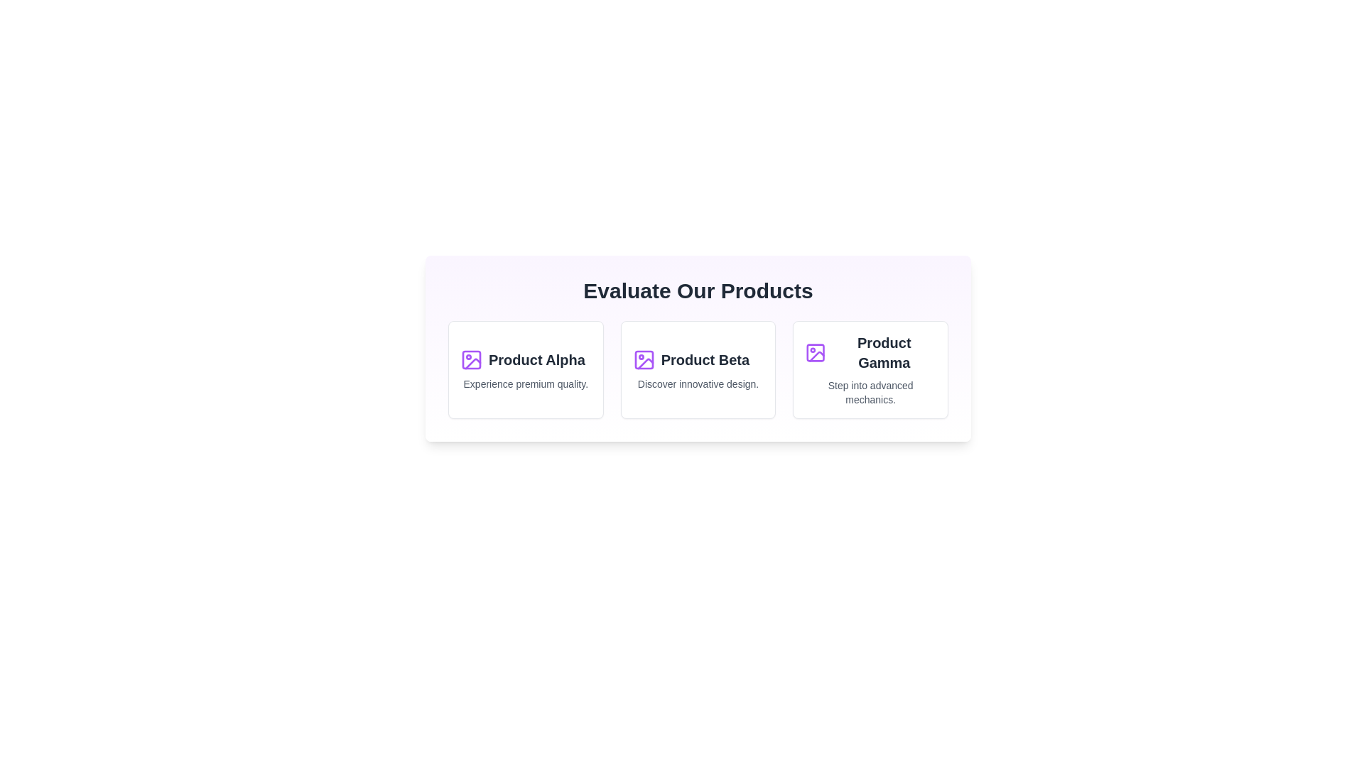 Image resolution: width=1364 pixels, height=767 pixels. I want to click on the text label that says 'Discover innovative design.' which is styled in gray and located beneath the 'Product Beta' heading in the middle card, so click(698, 383).